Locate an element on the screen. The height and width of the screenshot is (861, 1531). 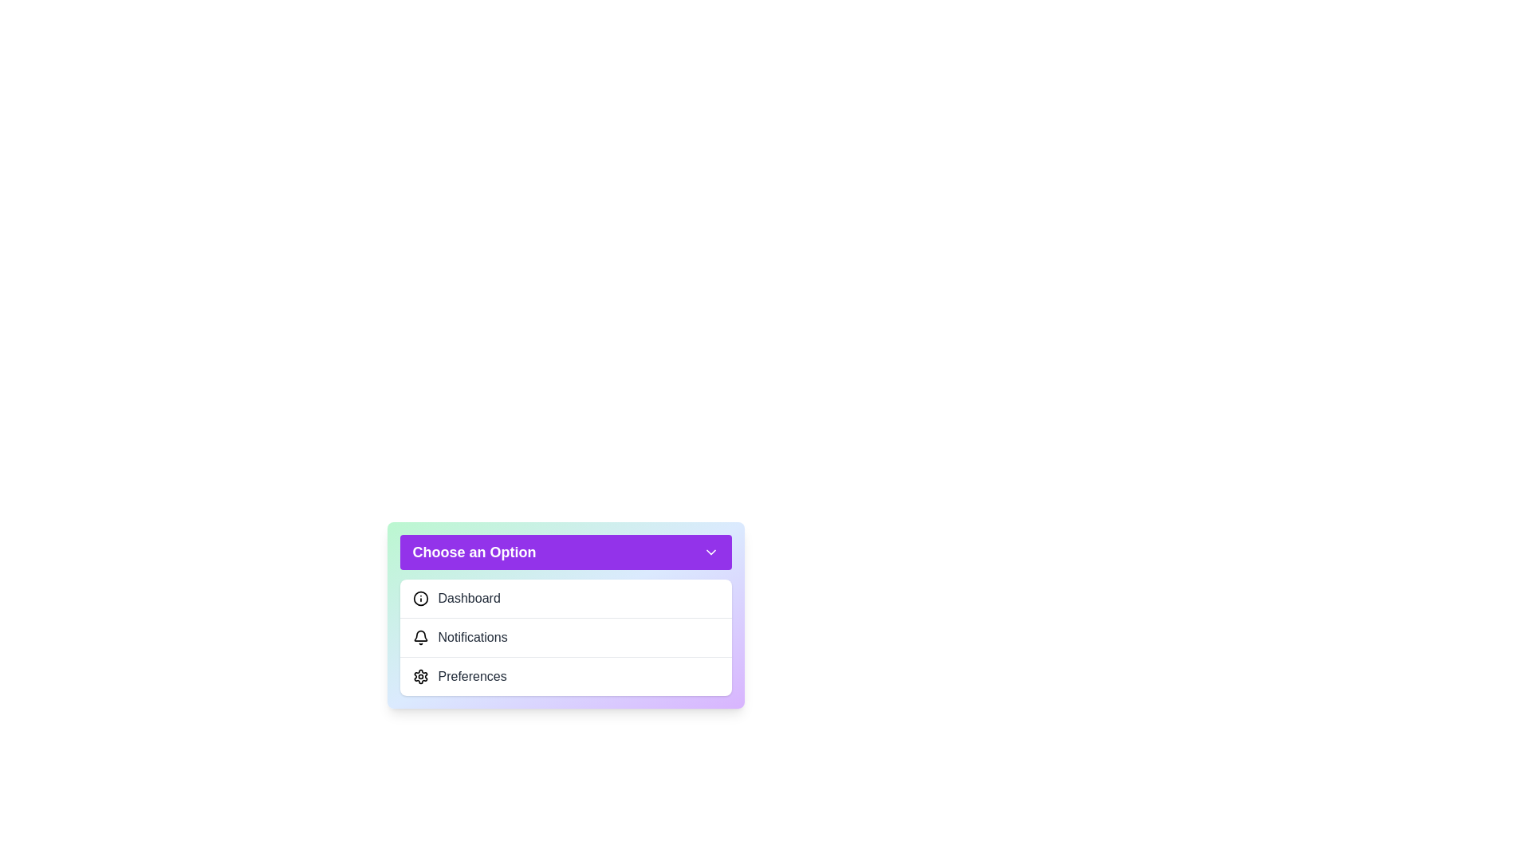
the option Dashboard from the dropdown menu is located at coordinates (565, 599).